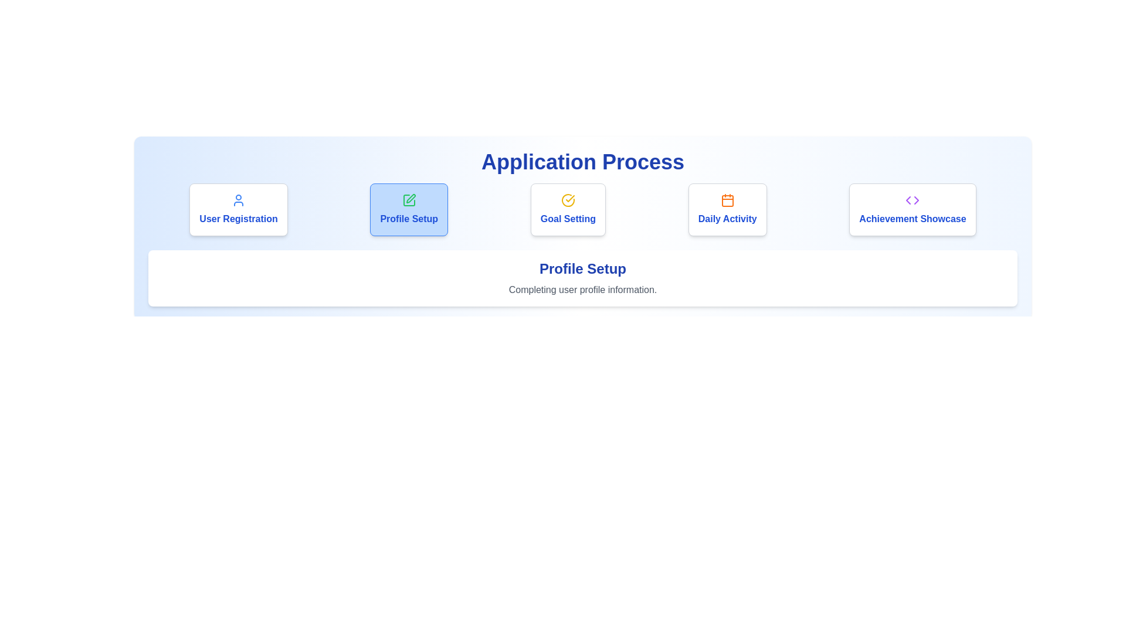 This screenshot has height=633, width=1126. I want to click on the 'Achievement Showcase' selectable card, which is the fifth card in a group of five horizontally aligned cards, to activate additional focus effects, so click(912, 209).